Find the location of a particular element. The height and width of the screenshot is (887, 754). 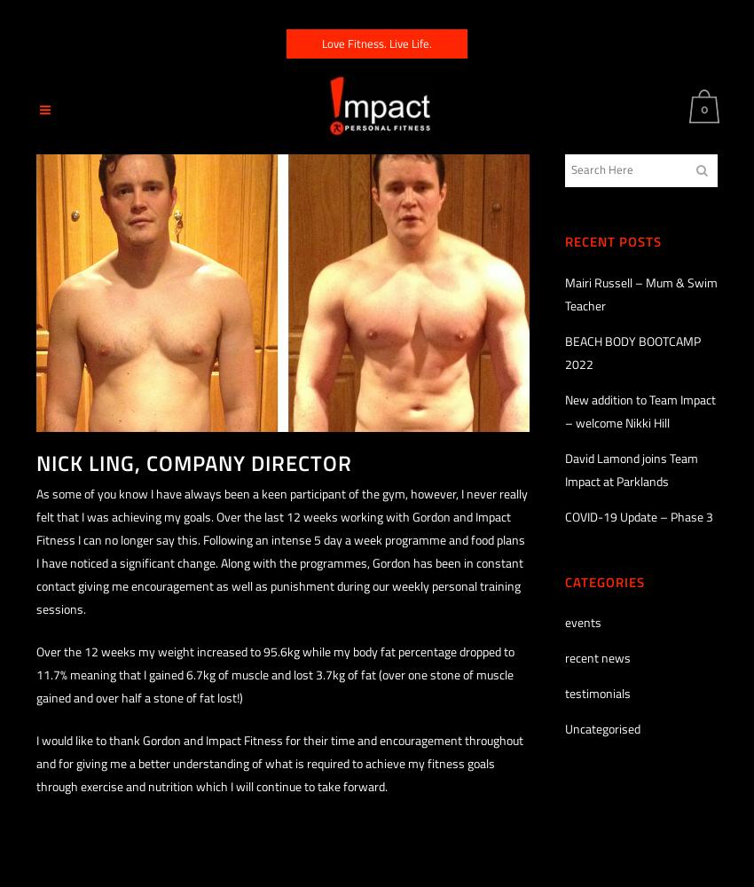

'Total:' is located at coordinates (658, 224).